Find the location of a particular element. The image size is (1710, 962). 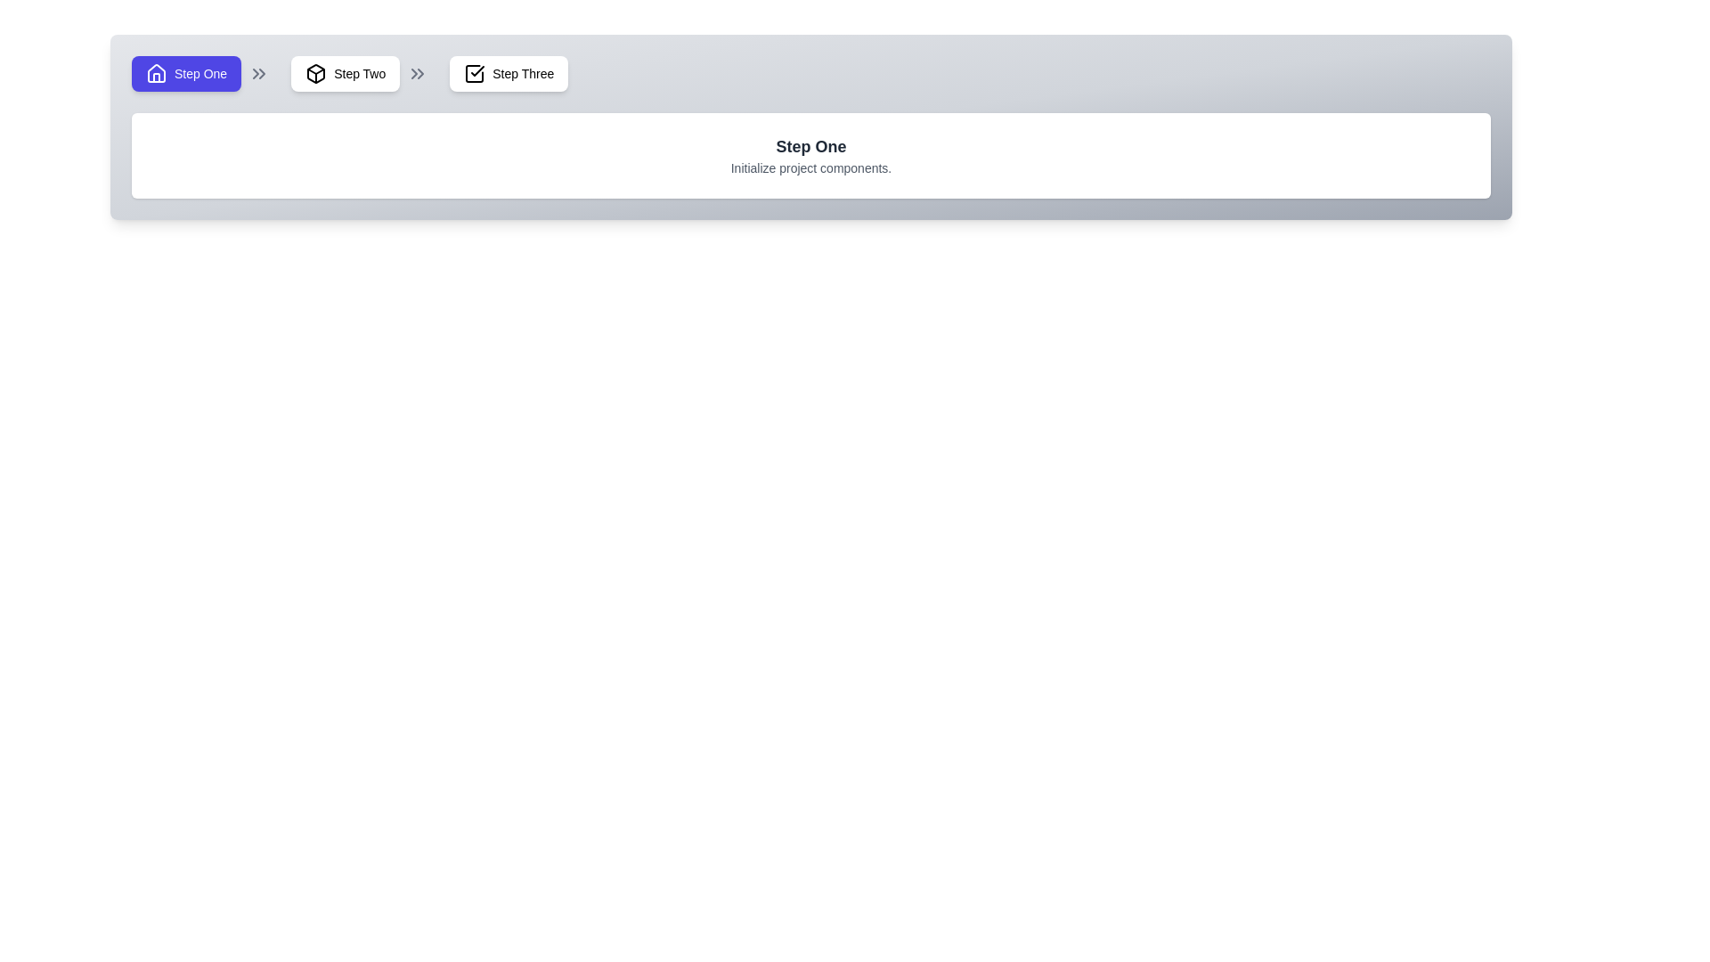

the navigation icon located between 'Step Two' and 'Step Three' in the navigation bar to indicate progression is located at coordinates (417, 73).